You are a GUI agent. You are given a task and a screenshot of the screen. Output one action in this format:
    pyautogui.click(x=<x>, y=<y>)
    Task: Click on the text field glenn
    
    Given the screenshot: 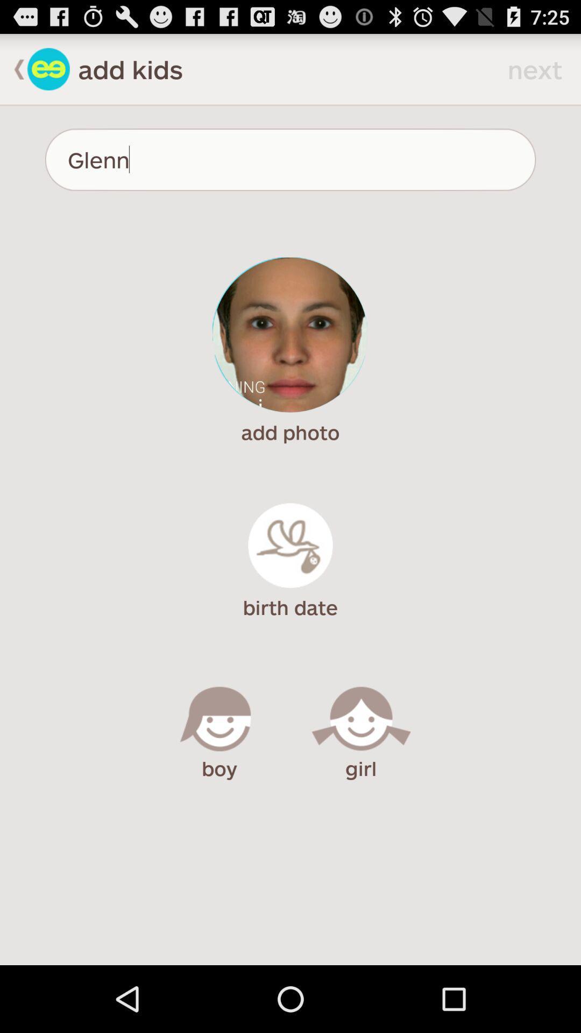 What is the action you would take?
    pyautogui.click(x=290, y=159)
    